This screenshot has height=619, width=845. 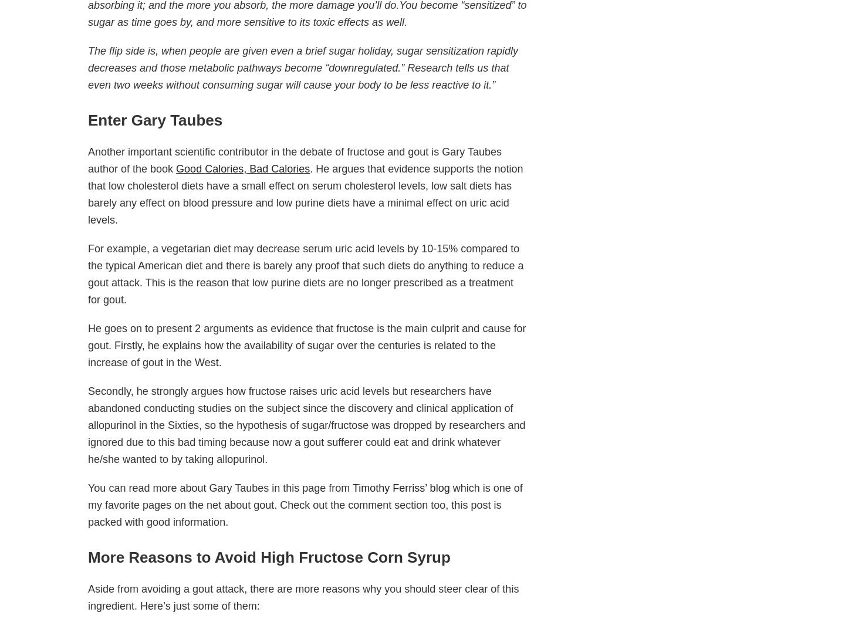 What do you see at coordinates (242, 169) in the screenshot?
I see `'Good Calories, Bad Calories'` at bounding box center [242, 169].